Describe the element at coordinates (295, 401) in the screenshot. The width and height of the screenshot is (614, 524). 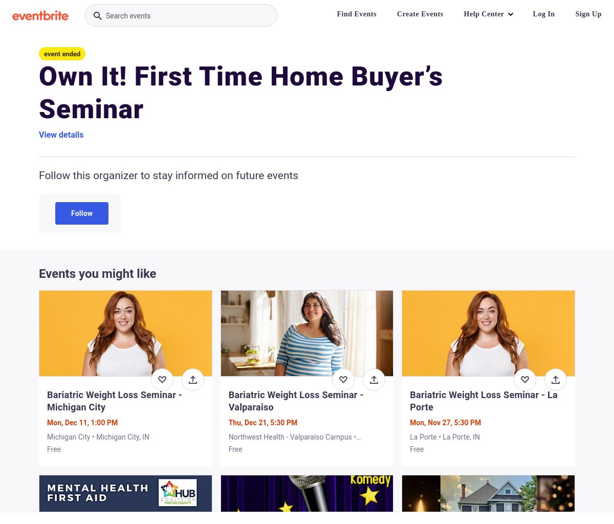
I see `'Bariatric  Weight Loss Seminar - Valparaiso'` at that location.